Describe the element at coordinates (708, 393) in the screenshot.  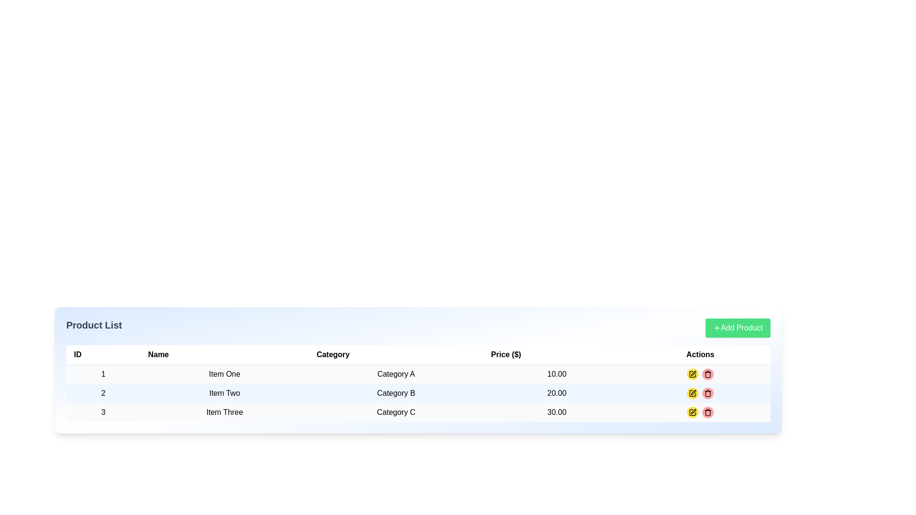
I see `the circular red delete button with a trash bin icon located in the 'Actions' column of the third row in the product list table` at that location.